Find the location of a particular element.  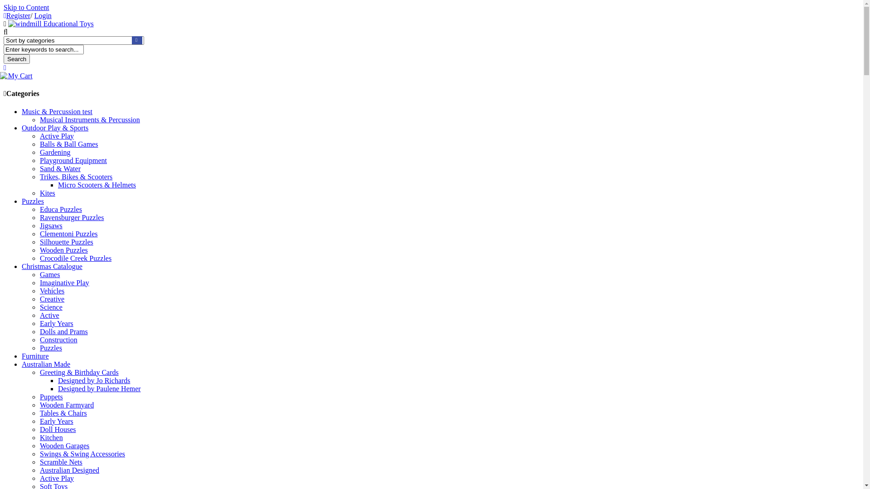

'Silhouette Puzzles' is located at coordinates (66, 241).